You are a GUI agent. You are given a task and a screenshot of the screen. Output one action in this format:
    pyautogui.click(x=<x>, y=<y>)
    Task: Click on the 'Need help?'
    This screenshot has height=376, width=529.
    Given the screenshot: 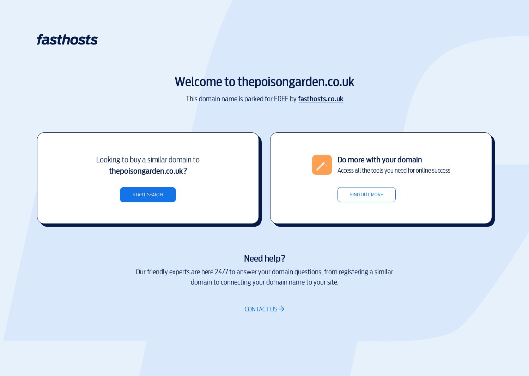 What is the action you would take?
    pyautogui.click(x=264, y=258)
    